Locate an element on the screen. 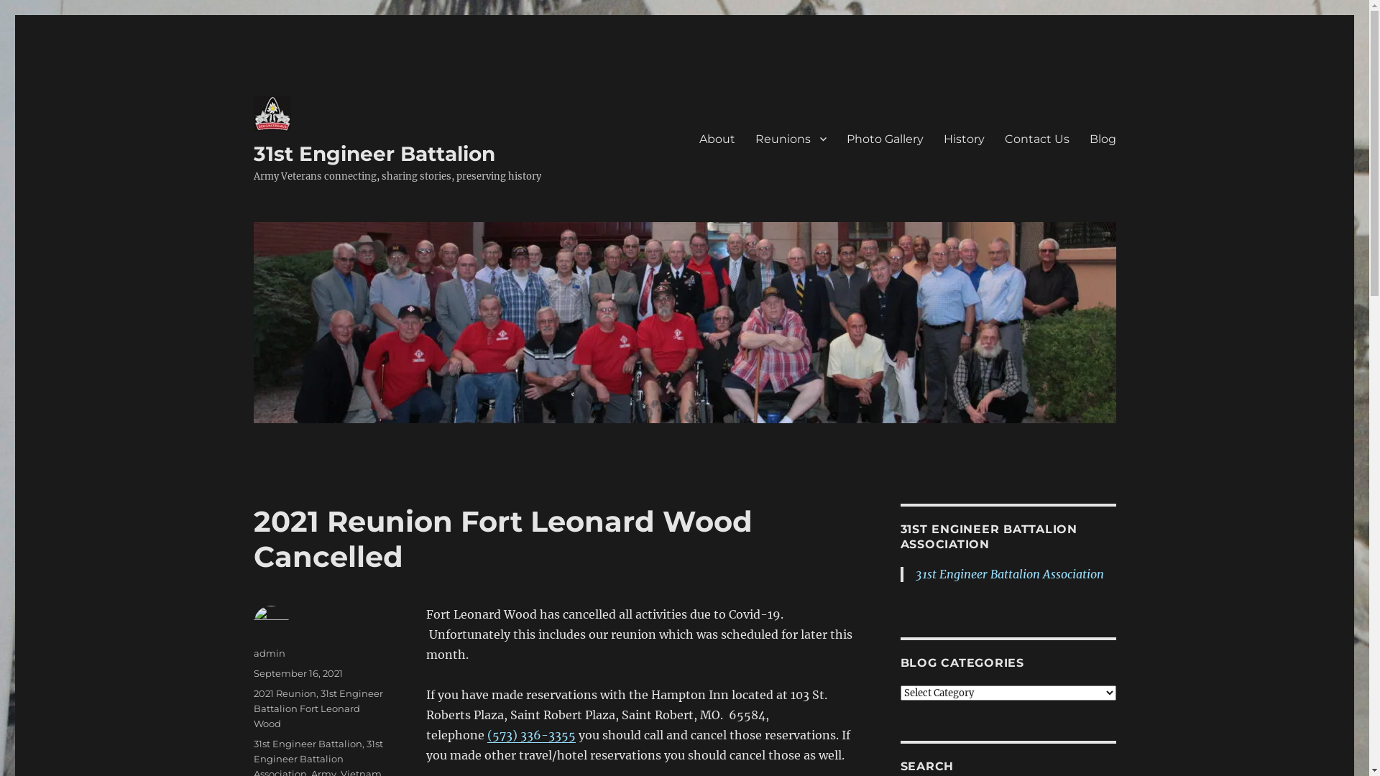 The height and width of the screenshot is (776, 1380). '31st Engineer Battalion' is located at coordinates (373, 153).